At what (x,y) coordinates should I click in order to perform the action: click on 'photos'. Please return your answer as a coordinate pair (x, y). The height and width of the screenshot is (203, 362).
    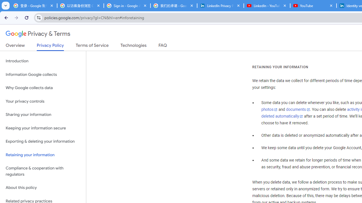
    Looking at the image, I should click on (269, 110).